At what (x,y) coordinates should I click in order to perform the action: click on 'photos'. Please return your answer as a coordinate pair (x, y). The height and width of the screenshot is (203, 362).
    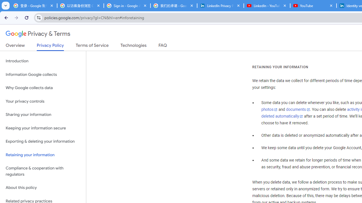
    Looking at the image, I should click on (269, 110).